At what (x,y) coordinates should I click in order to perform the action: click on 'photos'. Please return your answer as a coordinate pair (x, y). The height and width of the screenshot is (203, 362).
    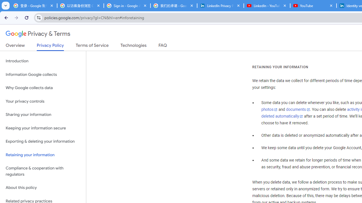
    Looking at the image, I should click on (269, 110).